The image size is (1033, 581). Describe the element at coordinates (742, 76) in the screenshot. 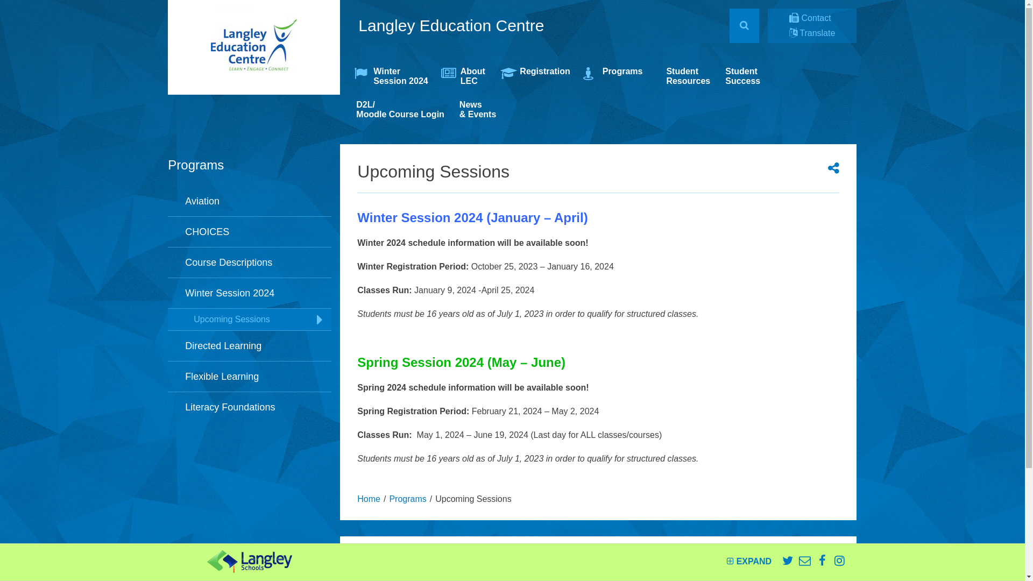

I see `'Student` at that location.